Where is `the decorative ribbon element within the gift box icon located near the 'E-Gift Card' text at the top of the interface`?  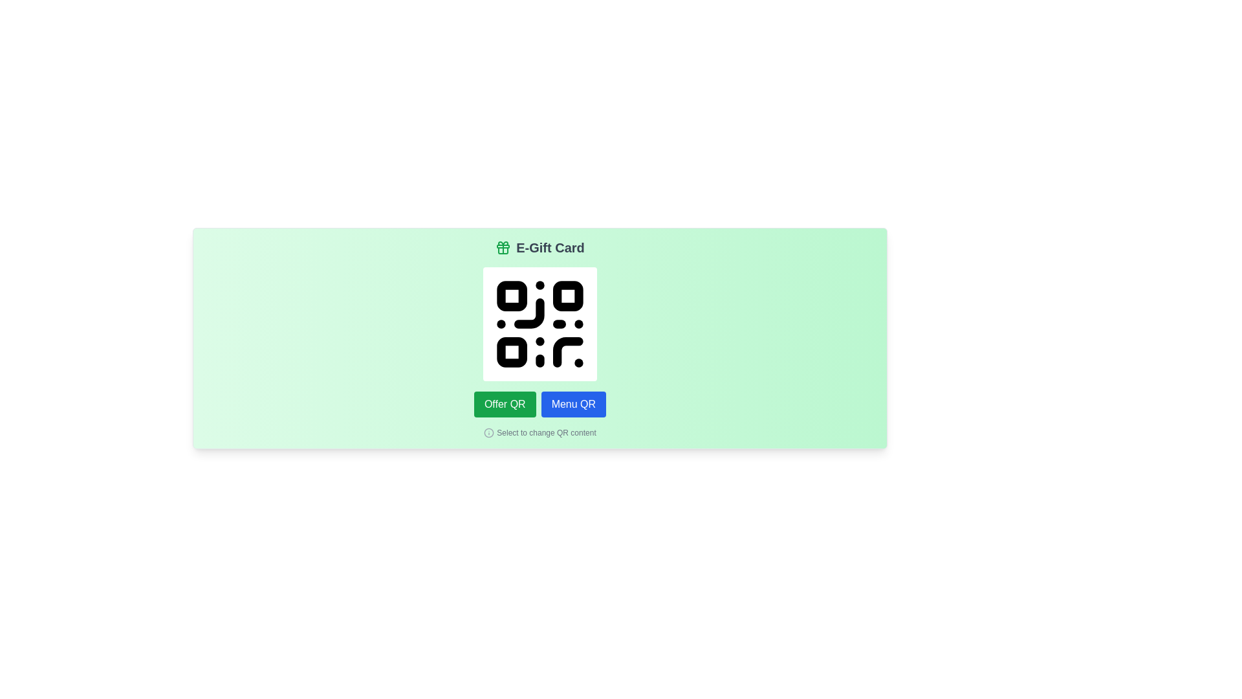
the decorative ribbon element within the gift box icon located near the 'E-Gift Card' text at the top of the interface is located at coordinates (503, 247).